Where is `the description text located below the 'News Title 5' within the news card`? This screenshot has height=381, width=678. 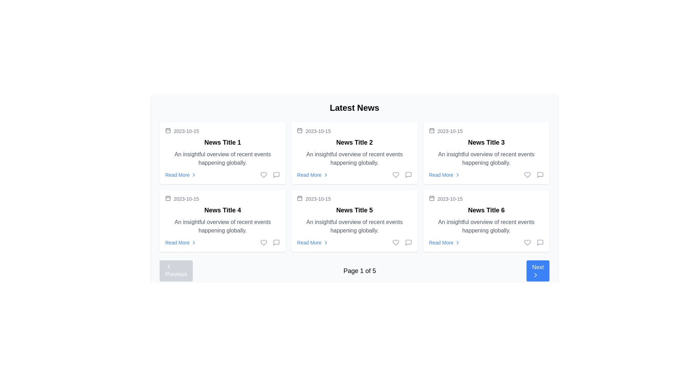 the description text located below the 'News Title 5' within the news card is located at coordinates (354, 226).